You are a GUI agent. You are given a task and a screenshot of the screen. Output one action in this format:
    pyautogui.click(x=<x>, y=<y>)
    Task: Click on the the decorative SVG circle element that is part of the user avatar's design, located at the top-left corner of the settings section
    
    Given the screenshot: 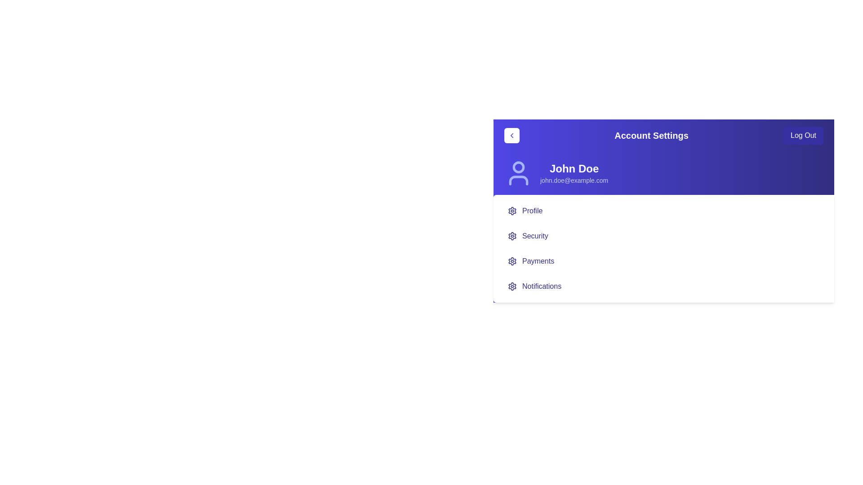 What is the action you would take?
    pyautogui.click(x=518, y=167)
    